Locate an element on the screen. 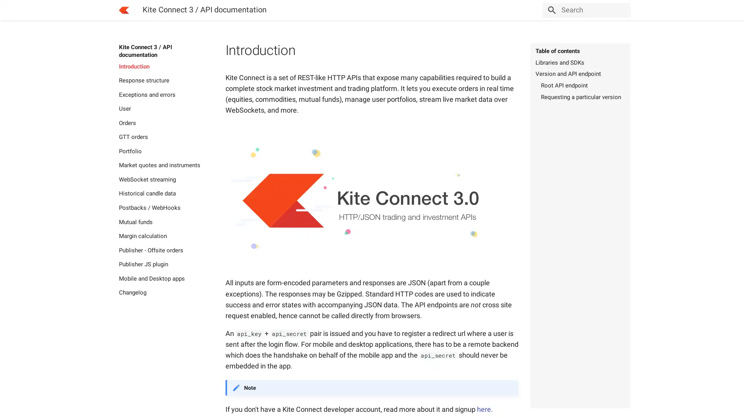 This screenshot has height=418, width=744. Clear is located at coordinates (621, 10).